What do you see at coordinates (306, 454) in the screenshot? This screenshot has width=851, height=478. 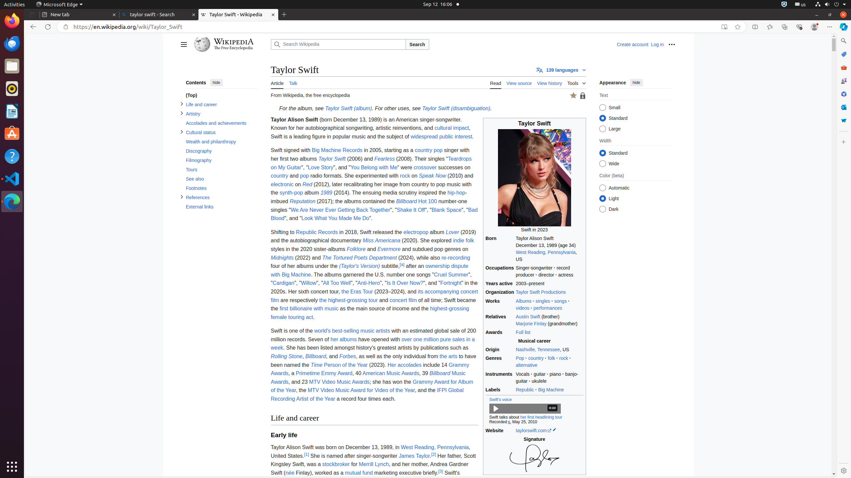 I see `'[1]'` at bounding box center [306, 454].